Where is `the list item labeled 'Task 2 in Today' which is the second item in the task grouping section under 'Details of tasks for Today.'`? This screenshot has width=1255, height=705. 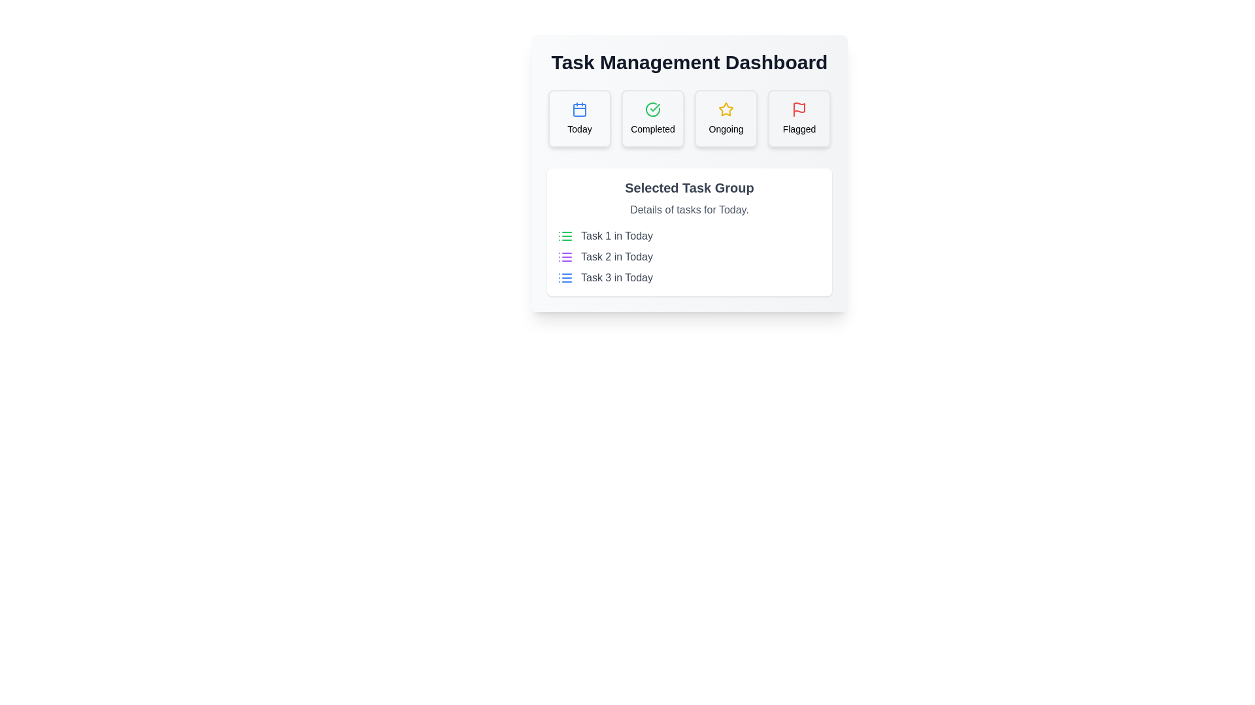
the list item labeled 'Task 2 in Today' which is the second item in the task grouping section under 'Details of tasks for Today.' is located at coordinates (689, 257).